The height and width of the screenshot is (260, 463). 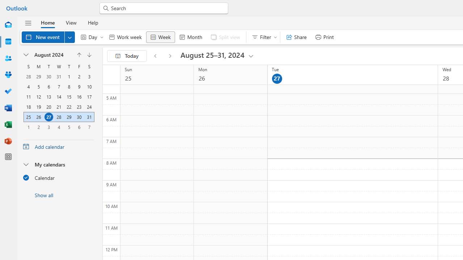 What do you see at coordinates (48, 86) in the screenshot?
I see `'6, August, 2024'` at bounding box center [48, 86].